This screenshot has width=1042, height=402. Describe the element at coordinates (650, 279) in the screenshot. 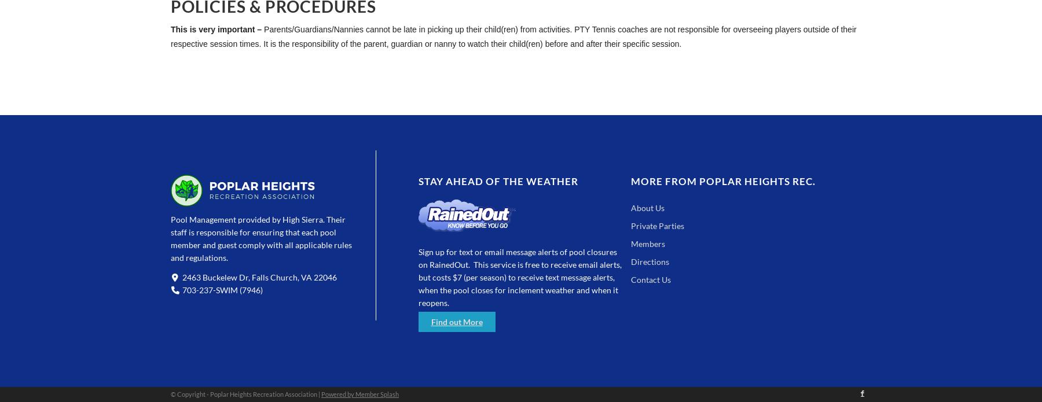

I see `'Contact Us'` at that location.